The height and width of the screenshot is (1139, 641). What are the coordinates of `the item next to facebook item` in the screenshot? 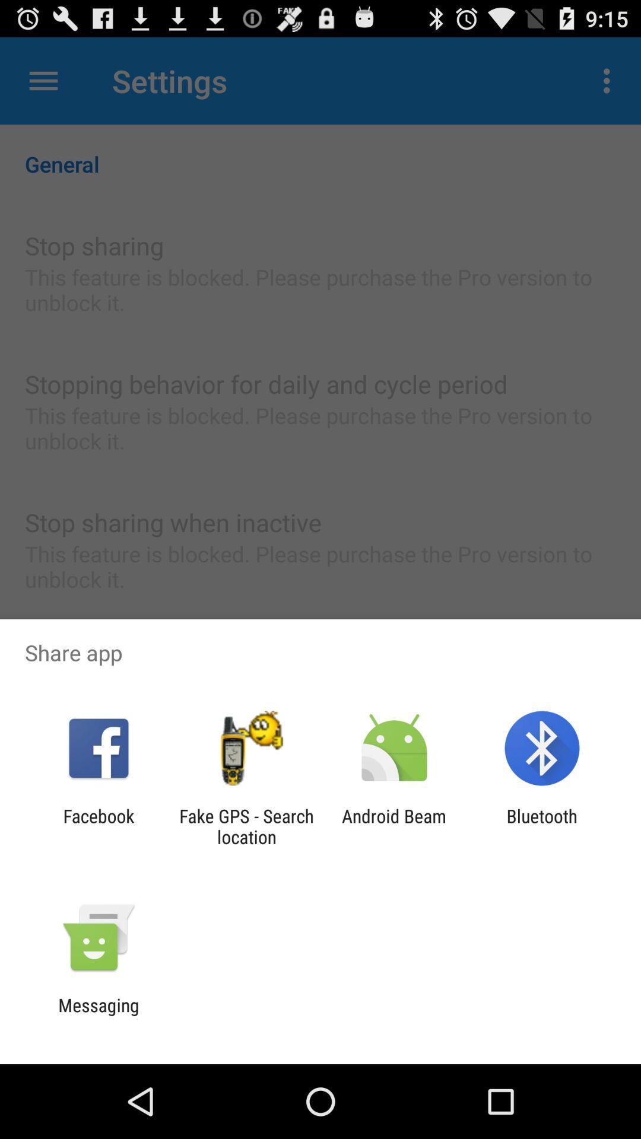 It's located at (246, 826).